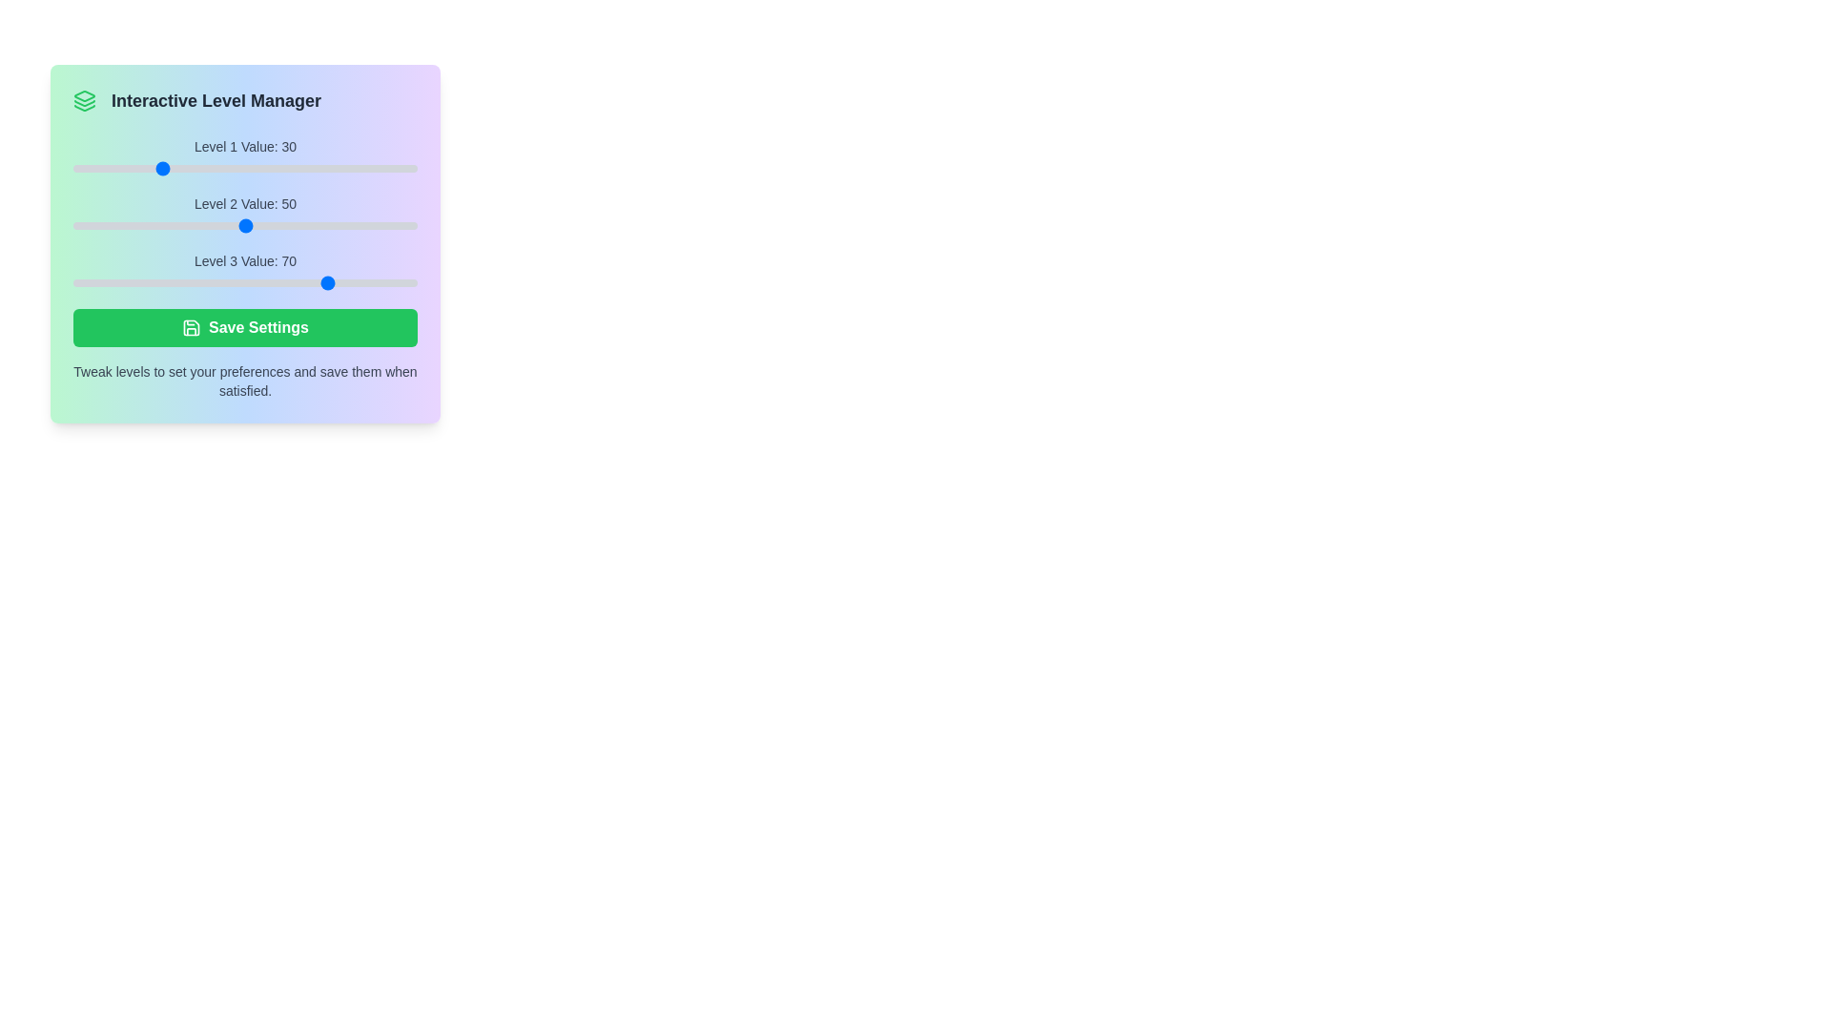 This screenshot has width=1831, height=1030. Describe the element at coordinates (115, 283) in the screenshot. I see `the Level 3 Value slider` at that location.